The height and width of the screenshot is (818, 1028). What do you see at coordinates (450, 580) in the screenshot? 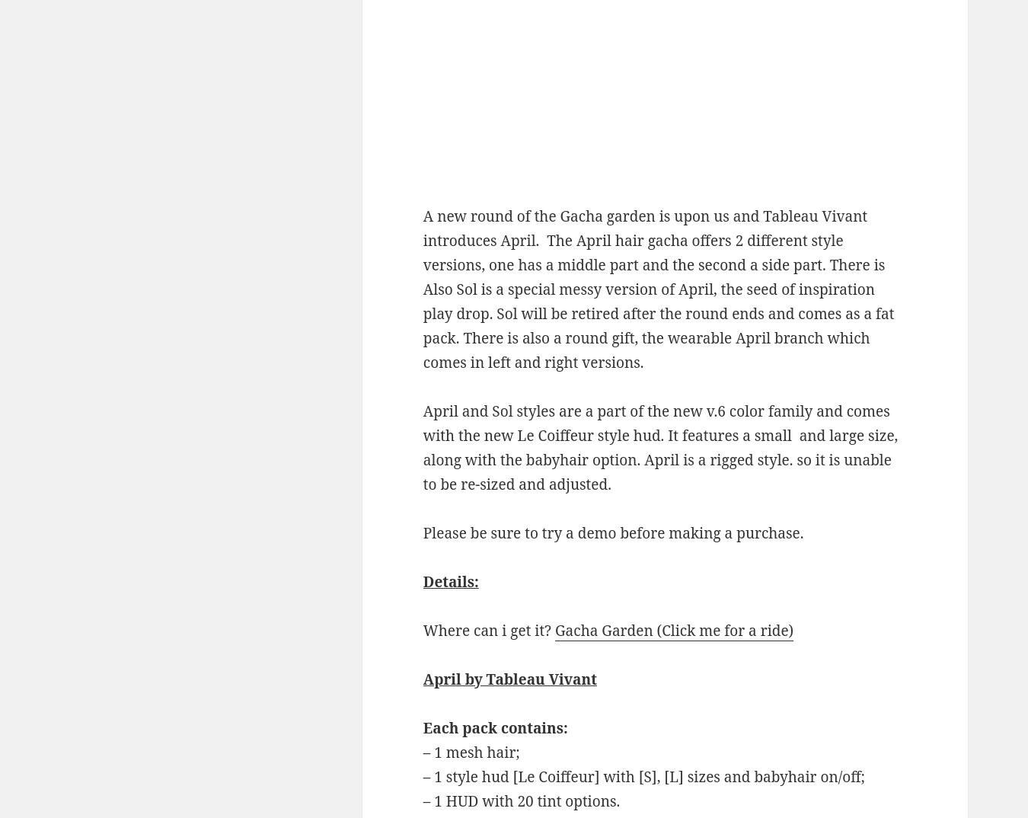
I see `'Details:'` at bounding box center [450, 580].